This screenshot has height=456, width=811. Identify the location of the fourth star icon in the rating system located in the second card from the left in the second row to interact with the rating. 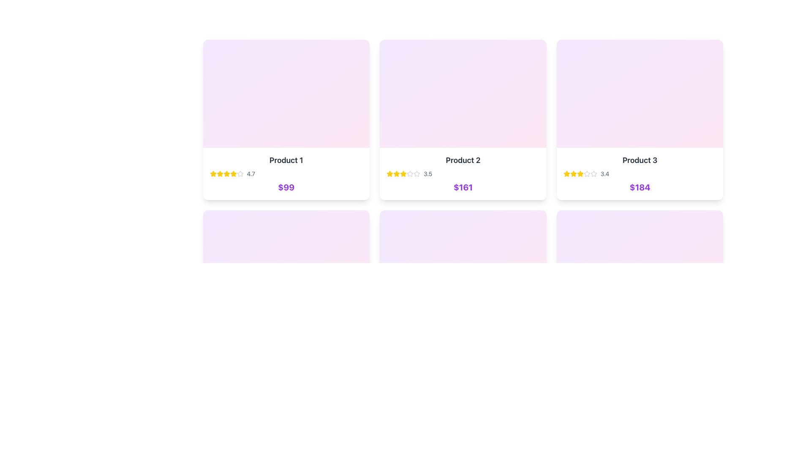
(417, 173).